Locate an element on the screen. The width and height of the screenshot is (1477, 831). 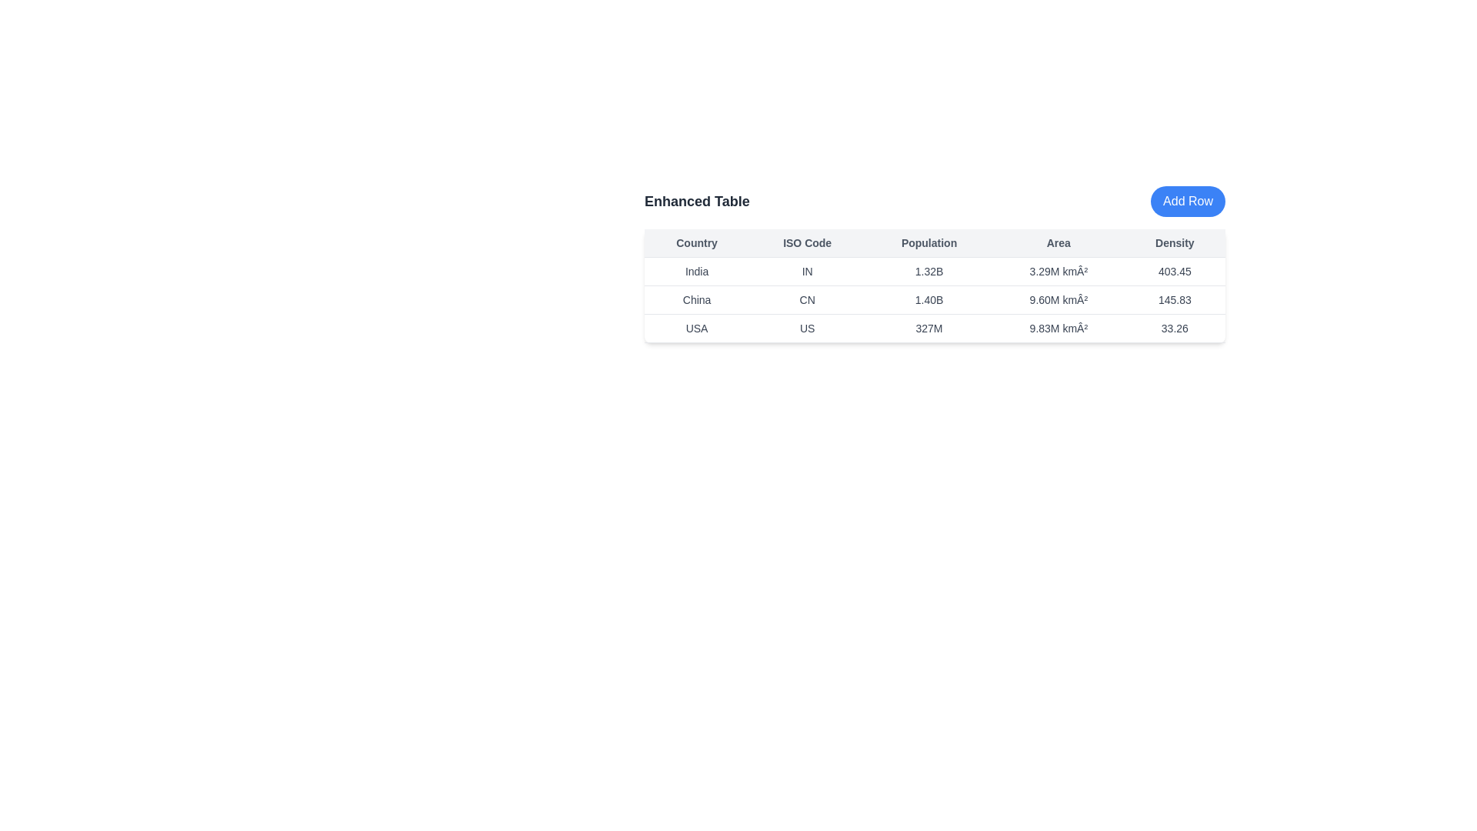
the text label displaying 'US' in the 'ISO Code' column of the 'USA' row, which is styled in gray and has a small font size is located at coordinates (806, 328).